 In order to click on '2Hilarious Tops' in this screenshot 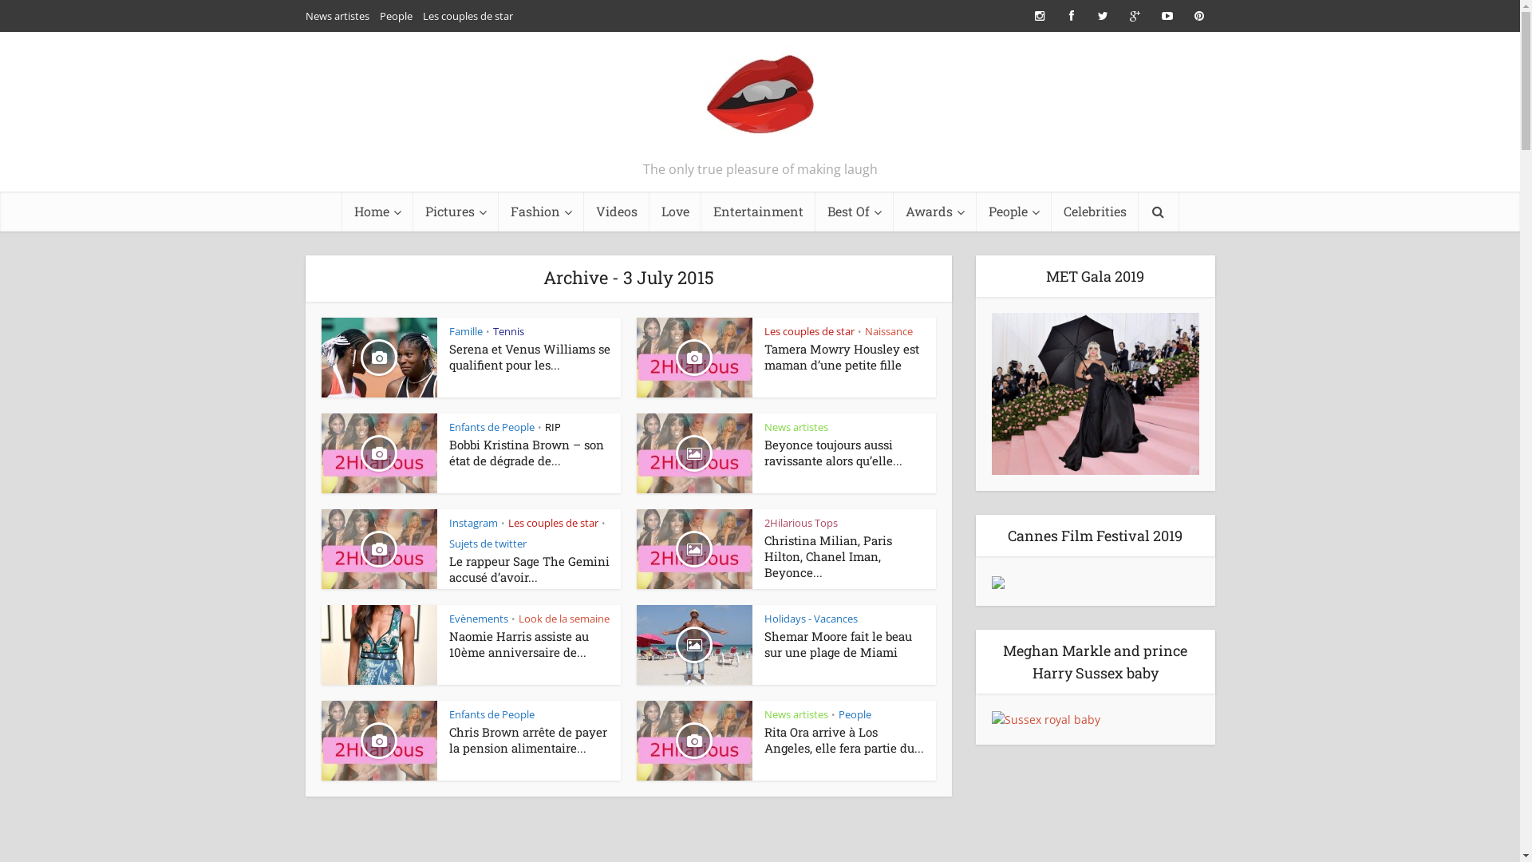, I will do `click(800, 523)`.